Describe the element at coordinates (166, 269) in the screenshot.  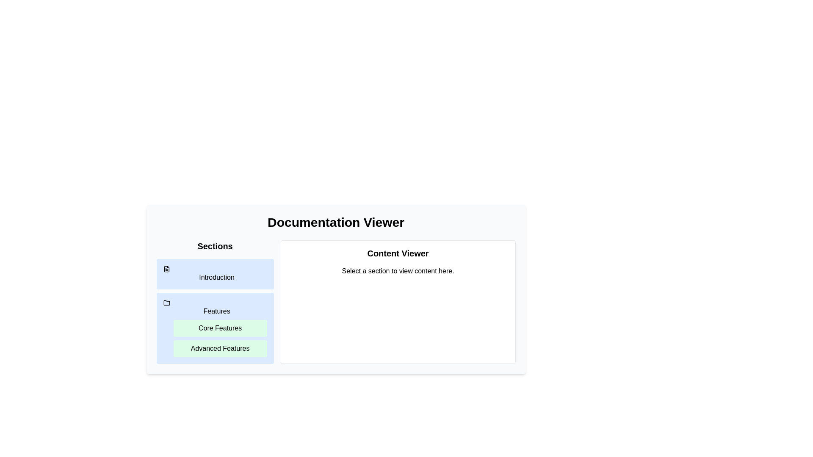
I see `the document icon, which is a compact black file representation located to the left of the 'Introduction' section in the left panel under the 'Sections' heading` at that location.